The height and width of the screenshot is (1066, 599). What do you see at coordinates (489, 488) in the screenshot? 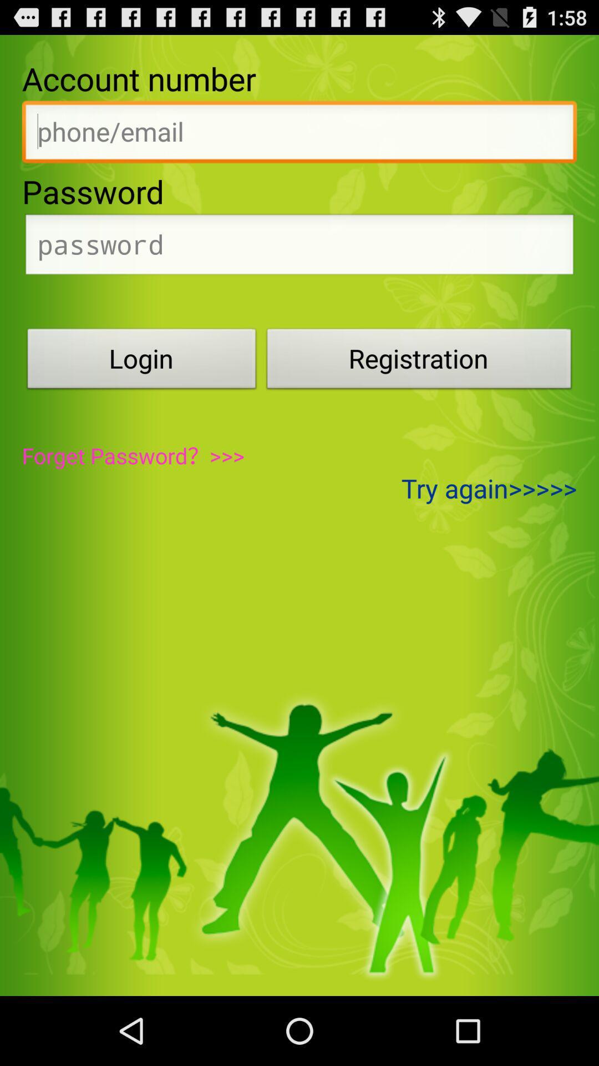
I see `try again>>>>> item` at bounding box center [489, 488].